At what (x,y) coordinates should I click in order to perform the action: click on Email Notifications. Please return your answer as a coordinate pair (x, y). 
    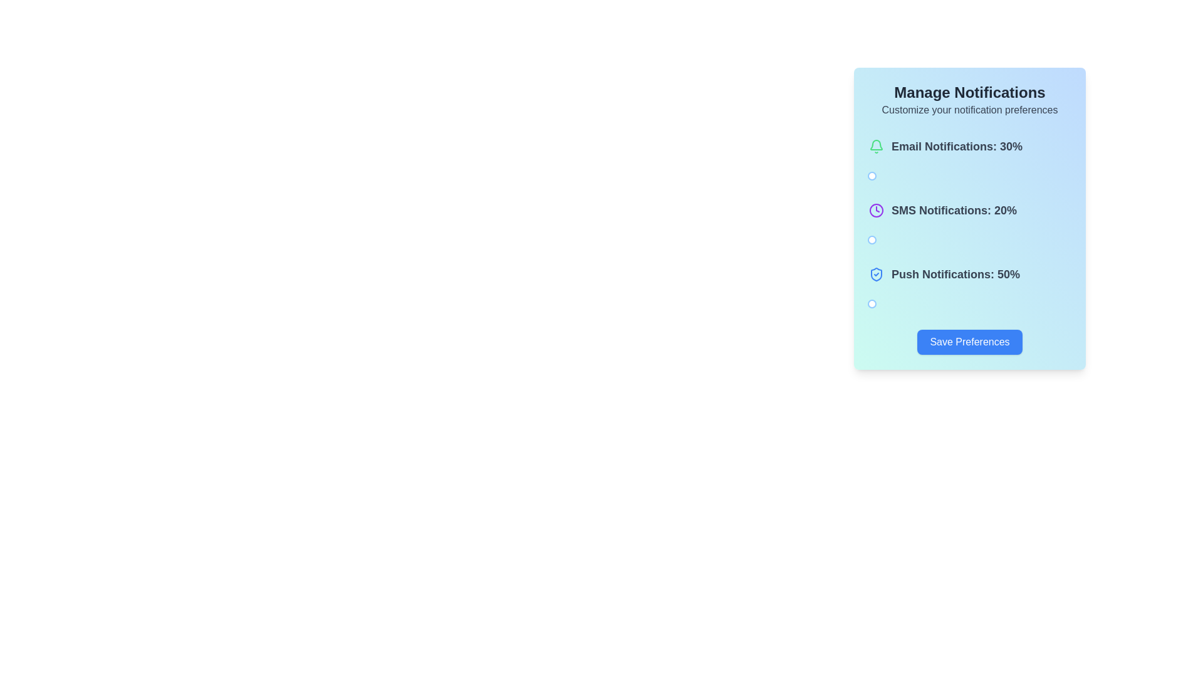
    Looking at the image, I should click on (865, 176).